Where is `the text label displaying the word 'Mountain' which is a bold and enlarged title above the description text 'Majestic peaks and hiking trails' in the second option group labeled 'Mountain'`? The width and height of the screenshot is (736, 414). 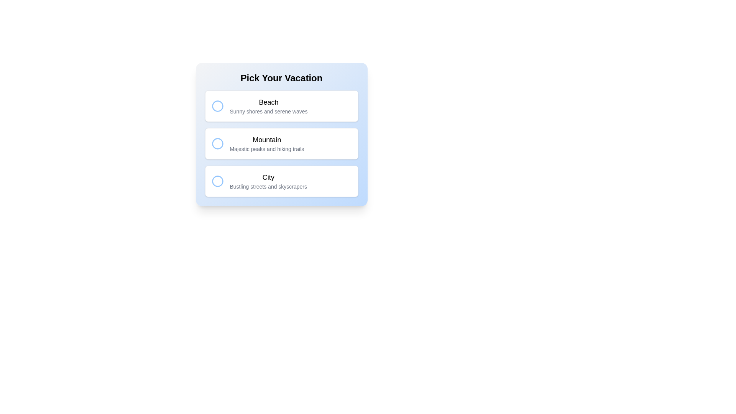
the text label displaying the word 'Mountain' which is a bold and enlarged title above the description text 'Majestic peaks and hiking trails' in the second option group labeled 'Mountain' is located at coordinates (267, 140).